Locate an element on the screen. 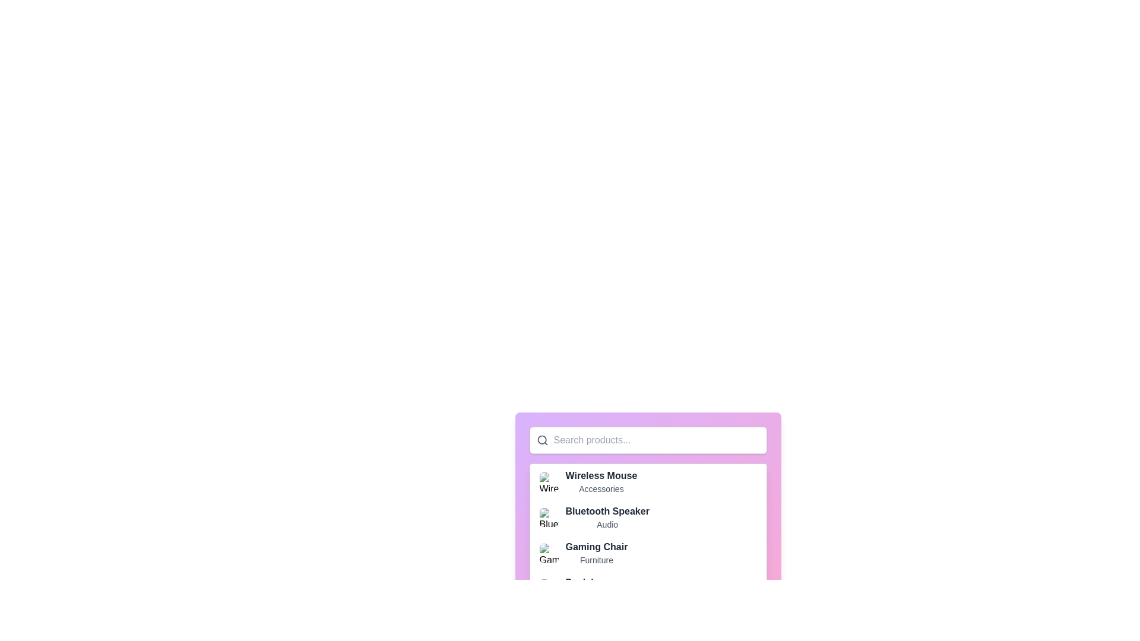 Image resolution: width=1140 pixels, height=641 pixels. the image representing 'Wireless Mouse' located at the far left inside the vertical menu, above the text 'Wireless Mouse' and 'Accessories' is located at coordinates (548, 482).